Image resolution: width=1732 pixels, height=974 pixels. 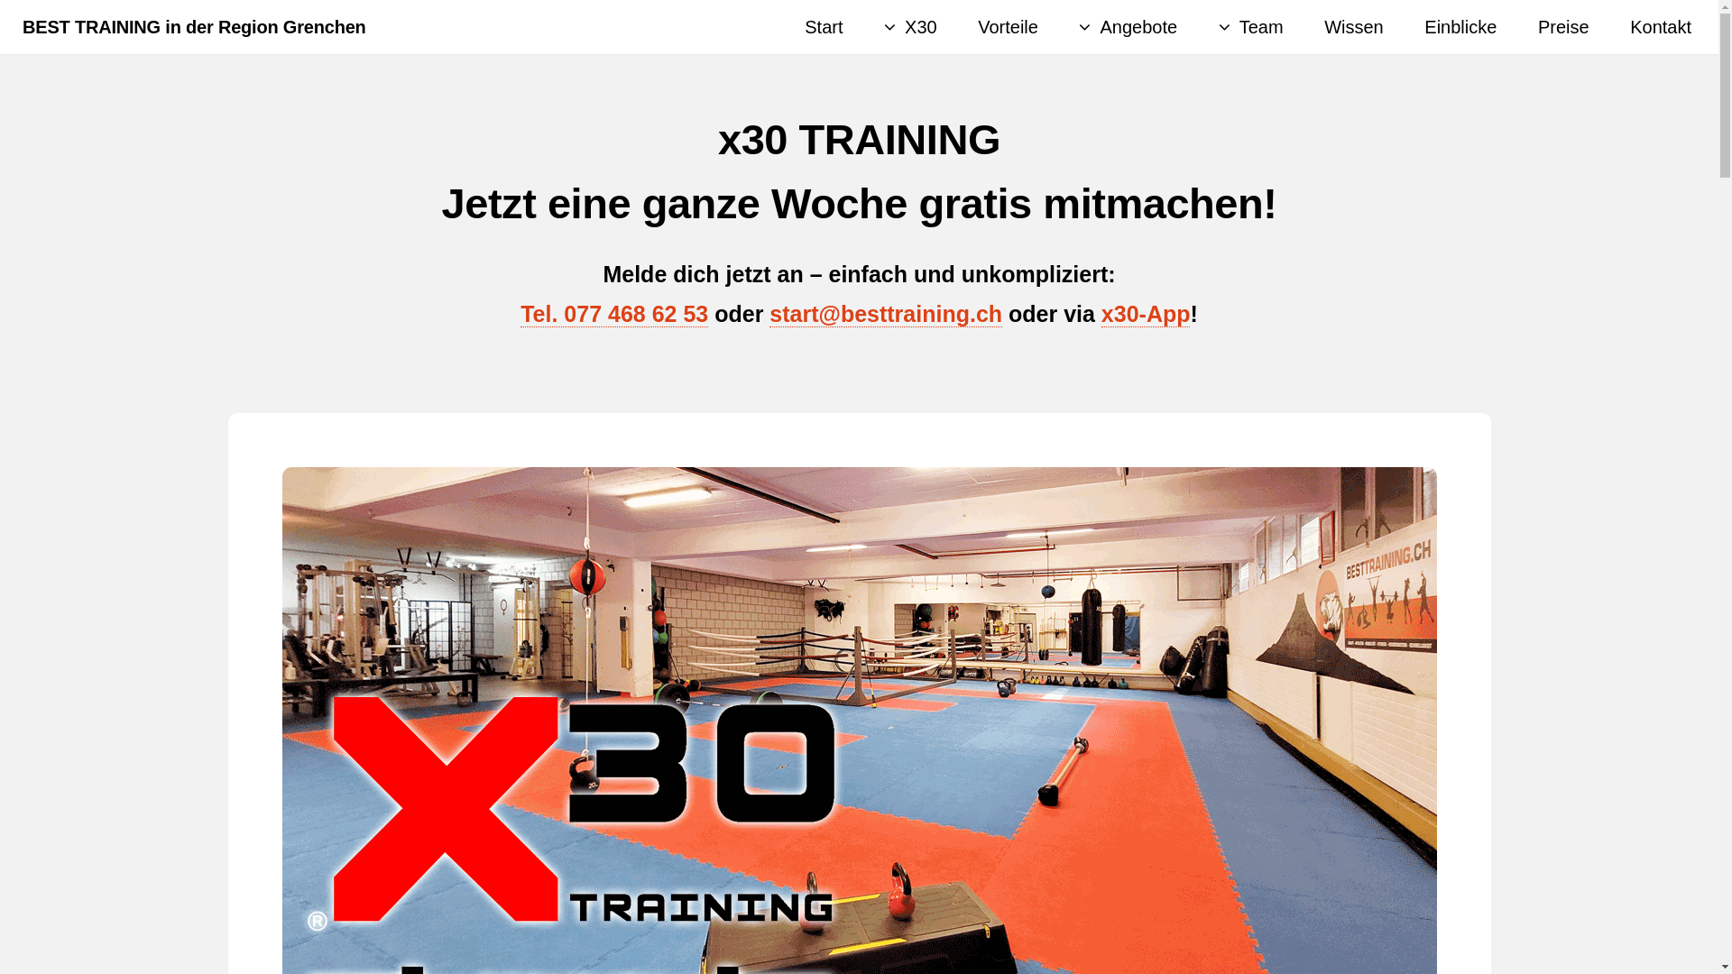 I want to click on 'X30', so click(x=883, y=27).